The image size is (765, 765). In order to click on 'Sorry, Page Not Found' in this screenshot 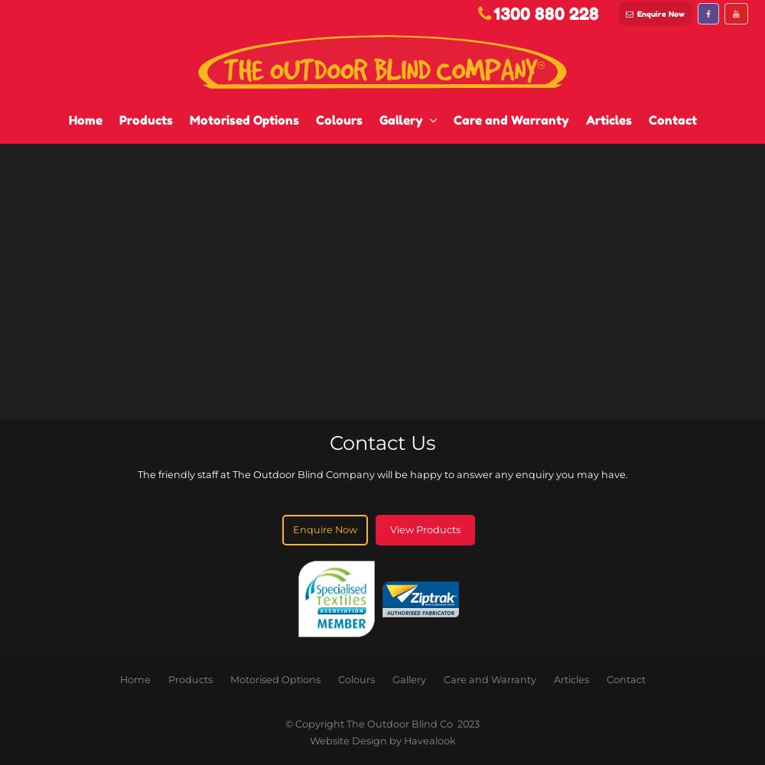, I will do `click(8, 45)`.